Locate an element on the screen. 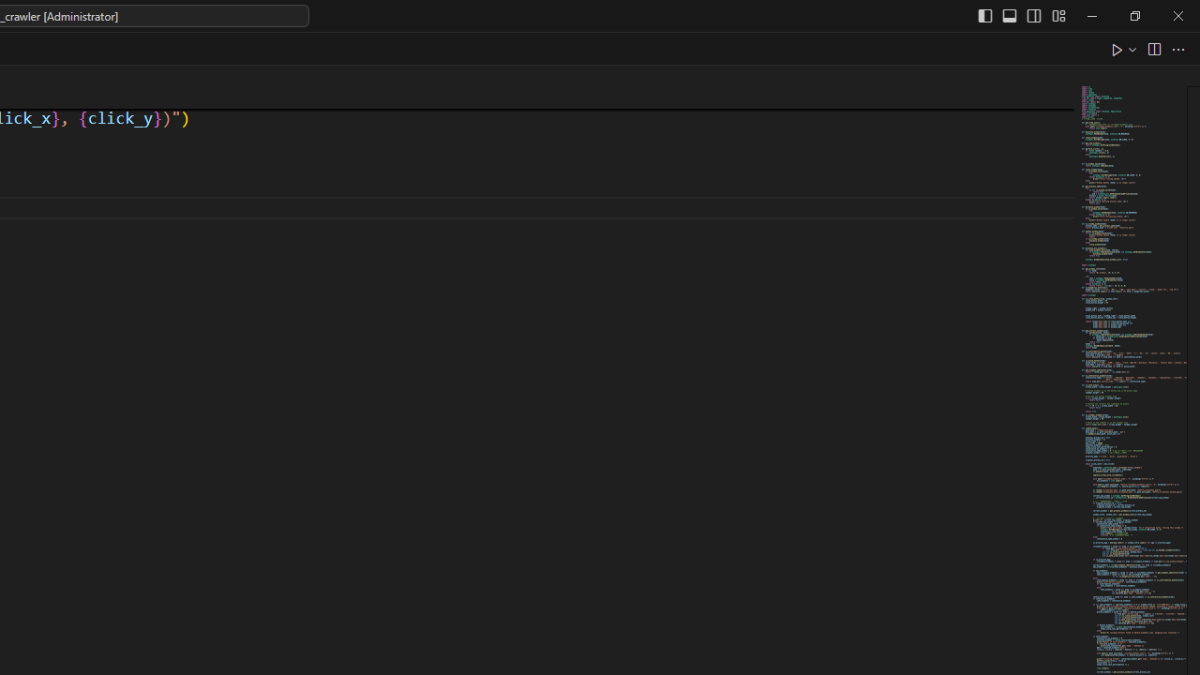 Image resolution: width=1200 pixels, height=675 pixels. 'Run Python File' is located at coordinates (1117, 48).